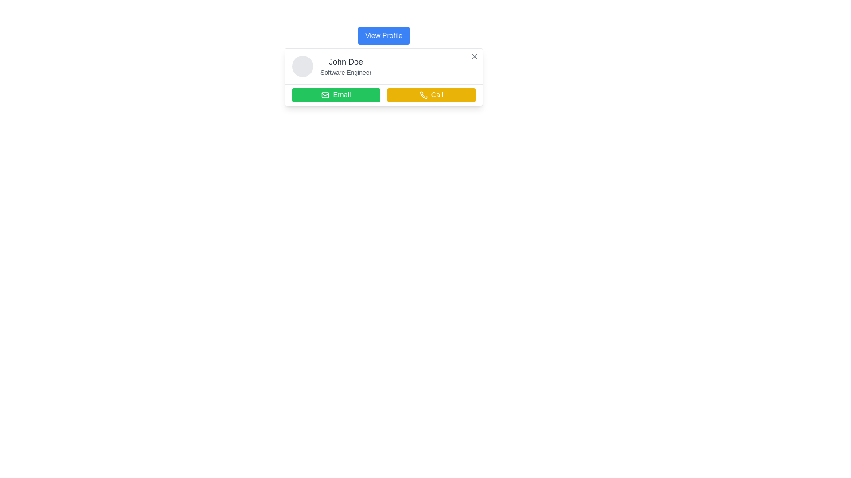 The width and height of the screenshot is (851, 478). I want to click on the close or delete icon located in the upper-right corner of the profile card section, so click(474, 56).